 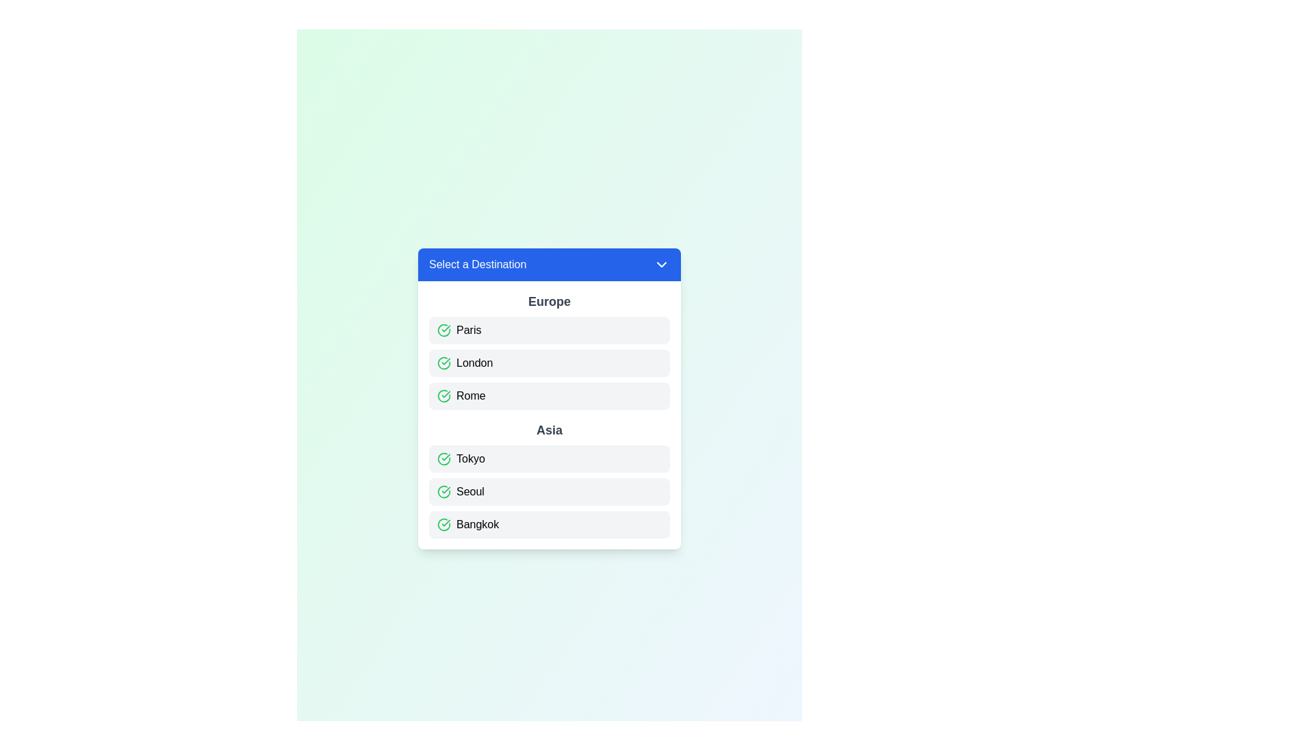 I want to click on the text label displaying 'Rome' within the selectable list item under the 'Europe' header in the dropdown labeled 'Select a Destination', so click(x=471, y=396).